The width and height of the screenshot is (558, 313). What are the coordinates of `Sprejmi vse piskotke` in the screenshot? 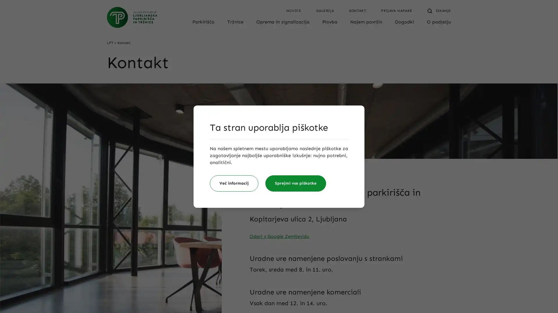 It's located at (296, 183).